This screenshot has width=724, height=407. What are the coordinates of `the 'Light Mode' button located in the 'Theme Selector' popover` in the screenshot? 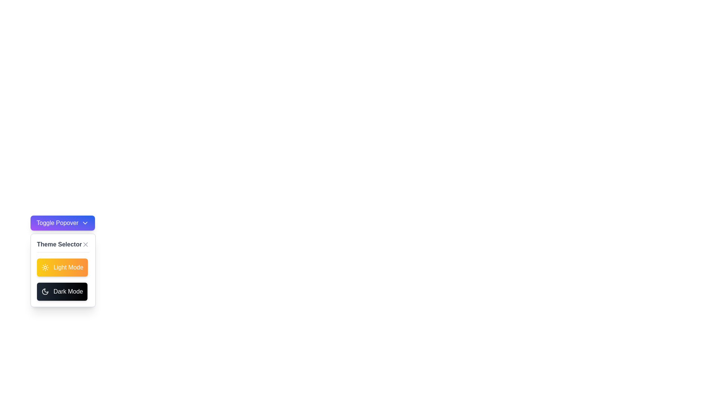 It's located at (62, 267).